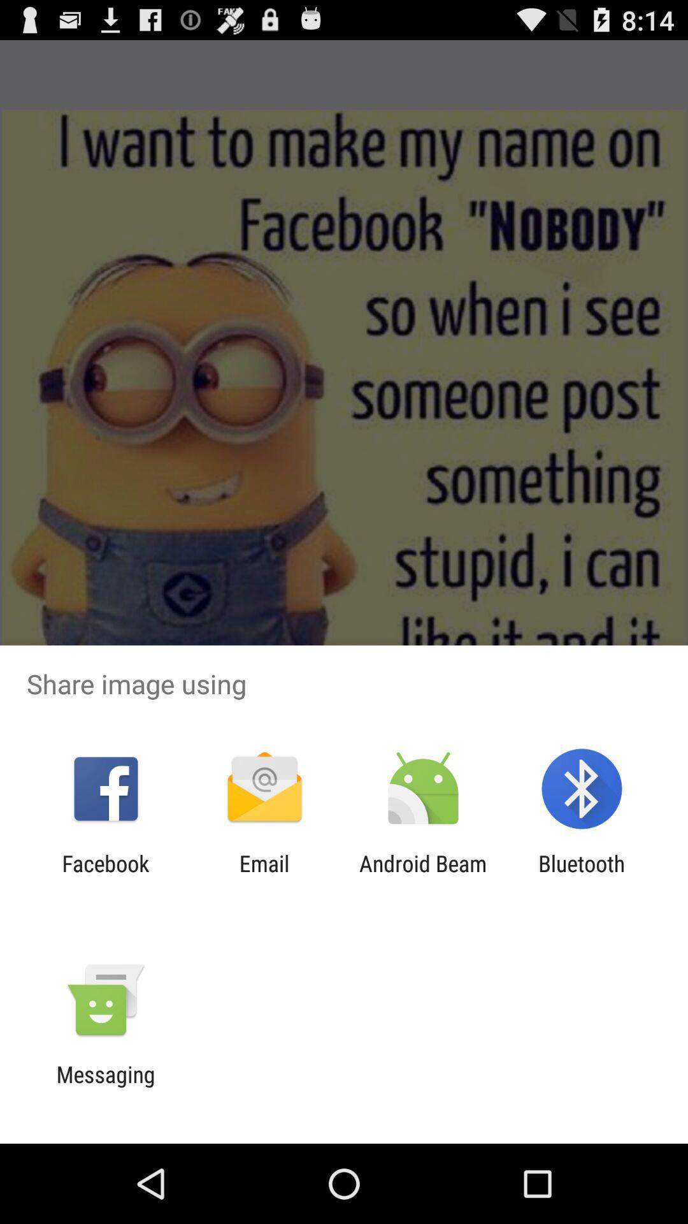  Describe the element at coordinates (105, 876) in the screenshot. I see `facebook app` at that location.